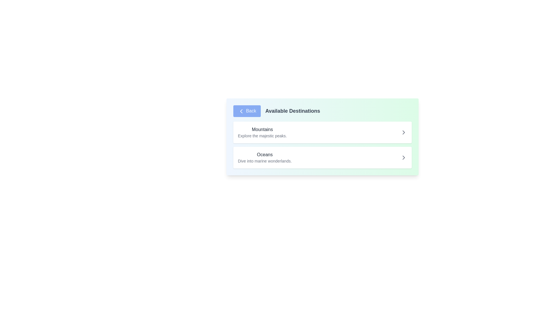  I want to click on the Navigation List with Items located under the 'Available Destinations' heading, which allows users to select 'Mountains' or 'Oceans', so click(323, 144).